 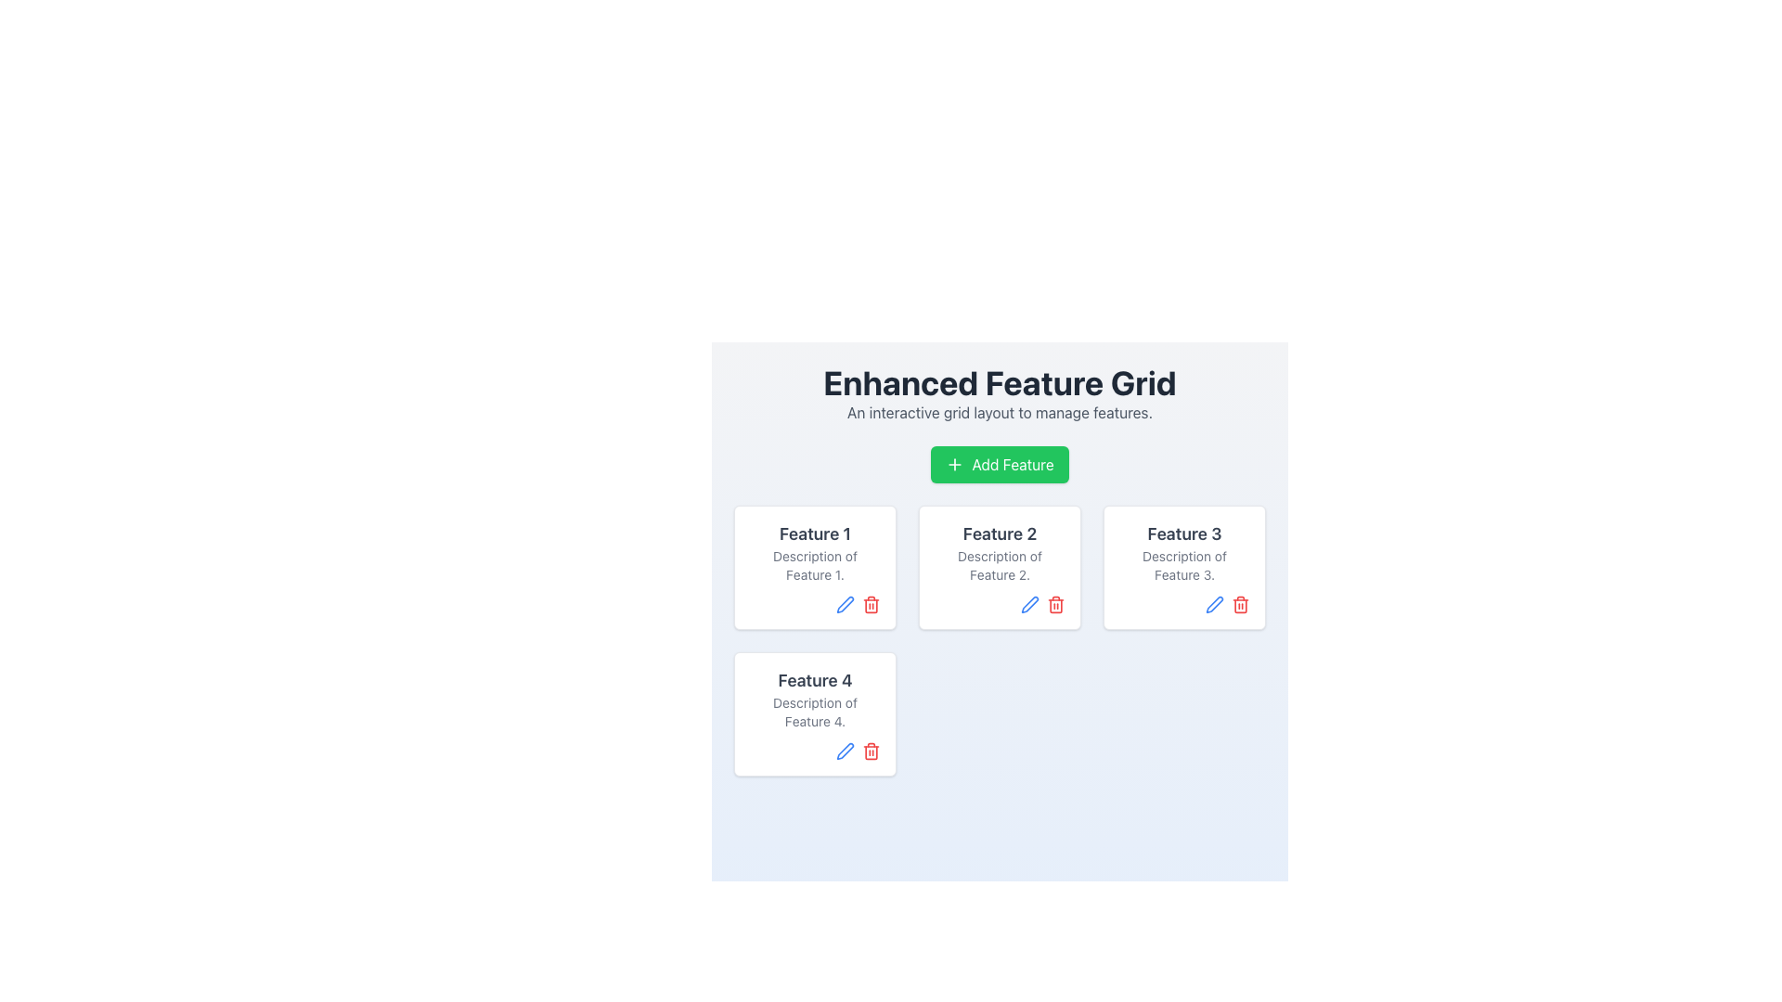 What do you see at coordinates (1241, 604) in the screenshot?
I see `the delete button icon (trash bin) located in the bottom-right corner of the 'Feature 3' card` at bounding box center [1241, 604].